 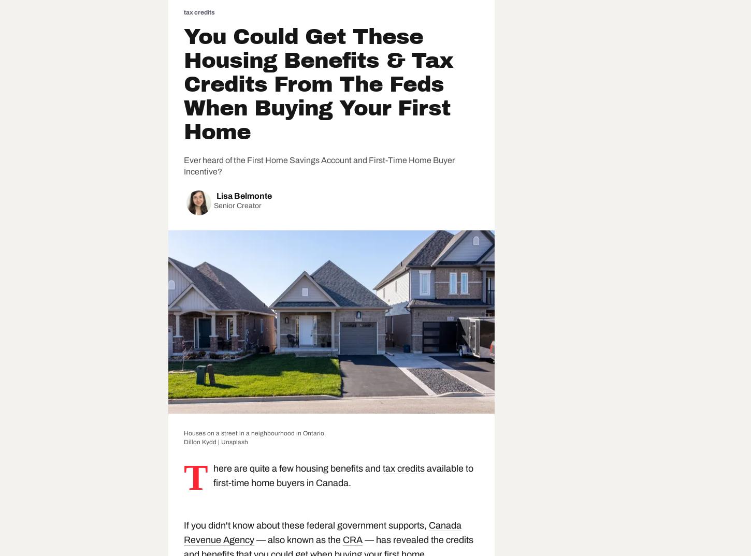 I want to click on 'You Could Get These Housing Benefits & Tax Credits From The Feds When Buying Your First Home', so click(x=317, y=84).